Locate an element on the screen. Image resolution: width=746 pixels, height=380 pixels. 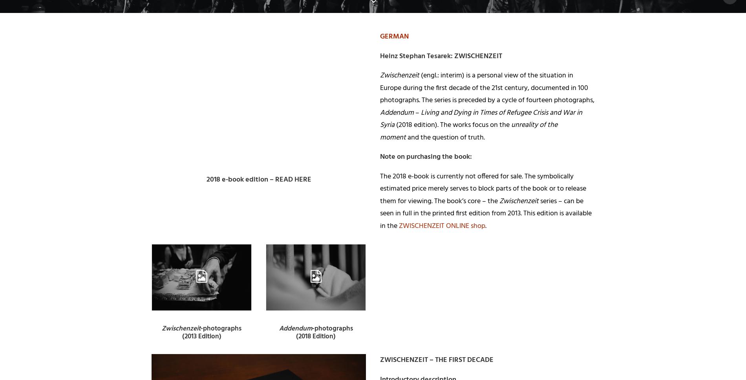
'Note on purchasing the book:' is located at coordinates (426, 157).